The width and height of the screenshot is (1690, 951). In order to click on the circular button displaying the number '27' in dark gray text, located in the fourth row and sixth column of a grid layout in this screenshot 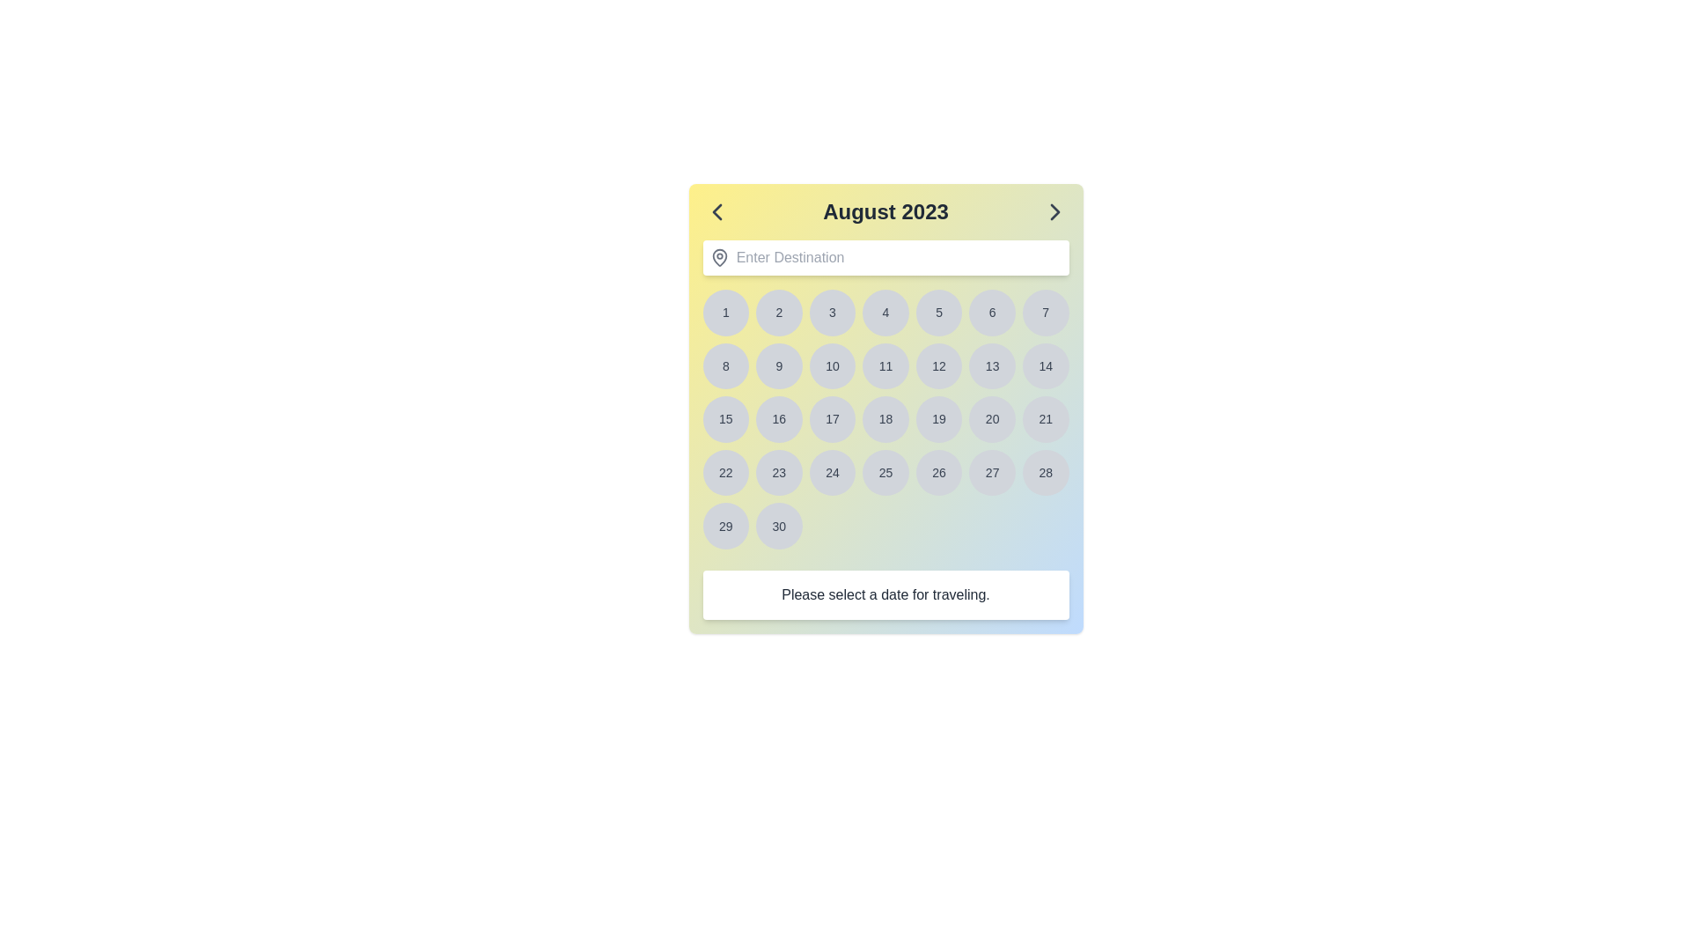, I will do `click(992, 471)`.